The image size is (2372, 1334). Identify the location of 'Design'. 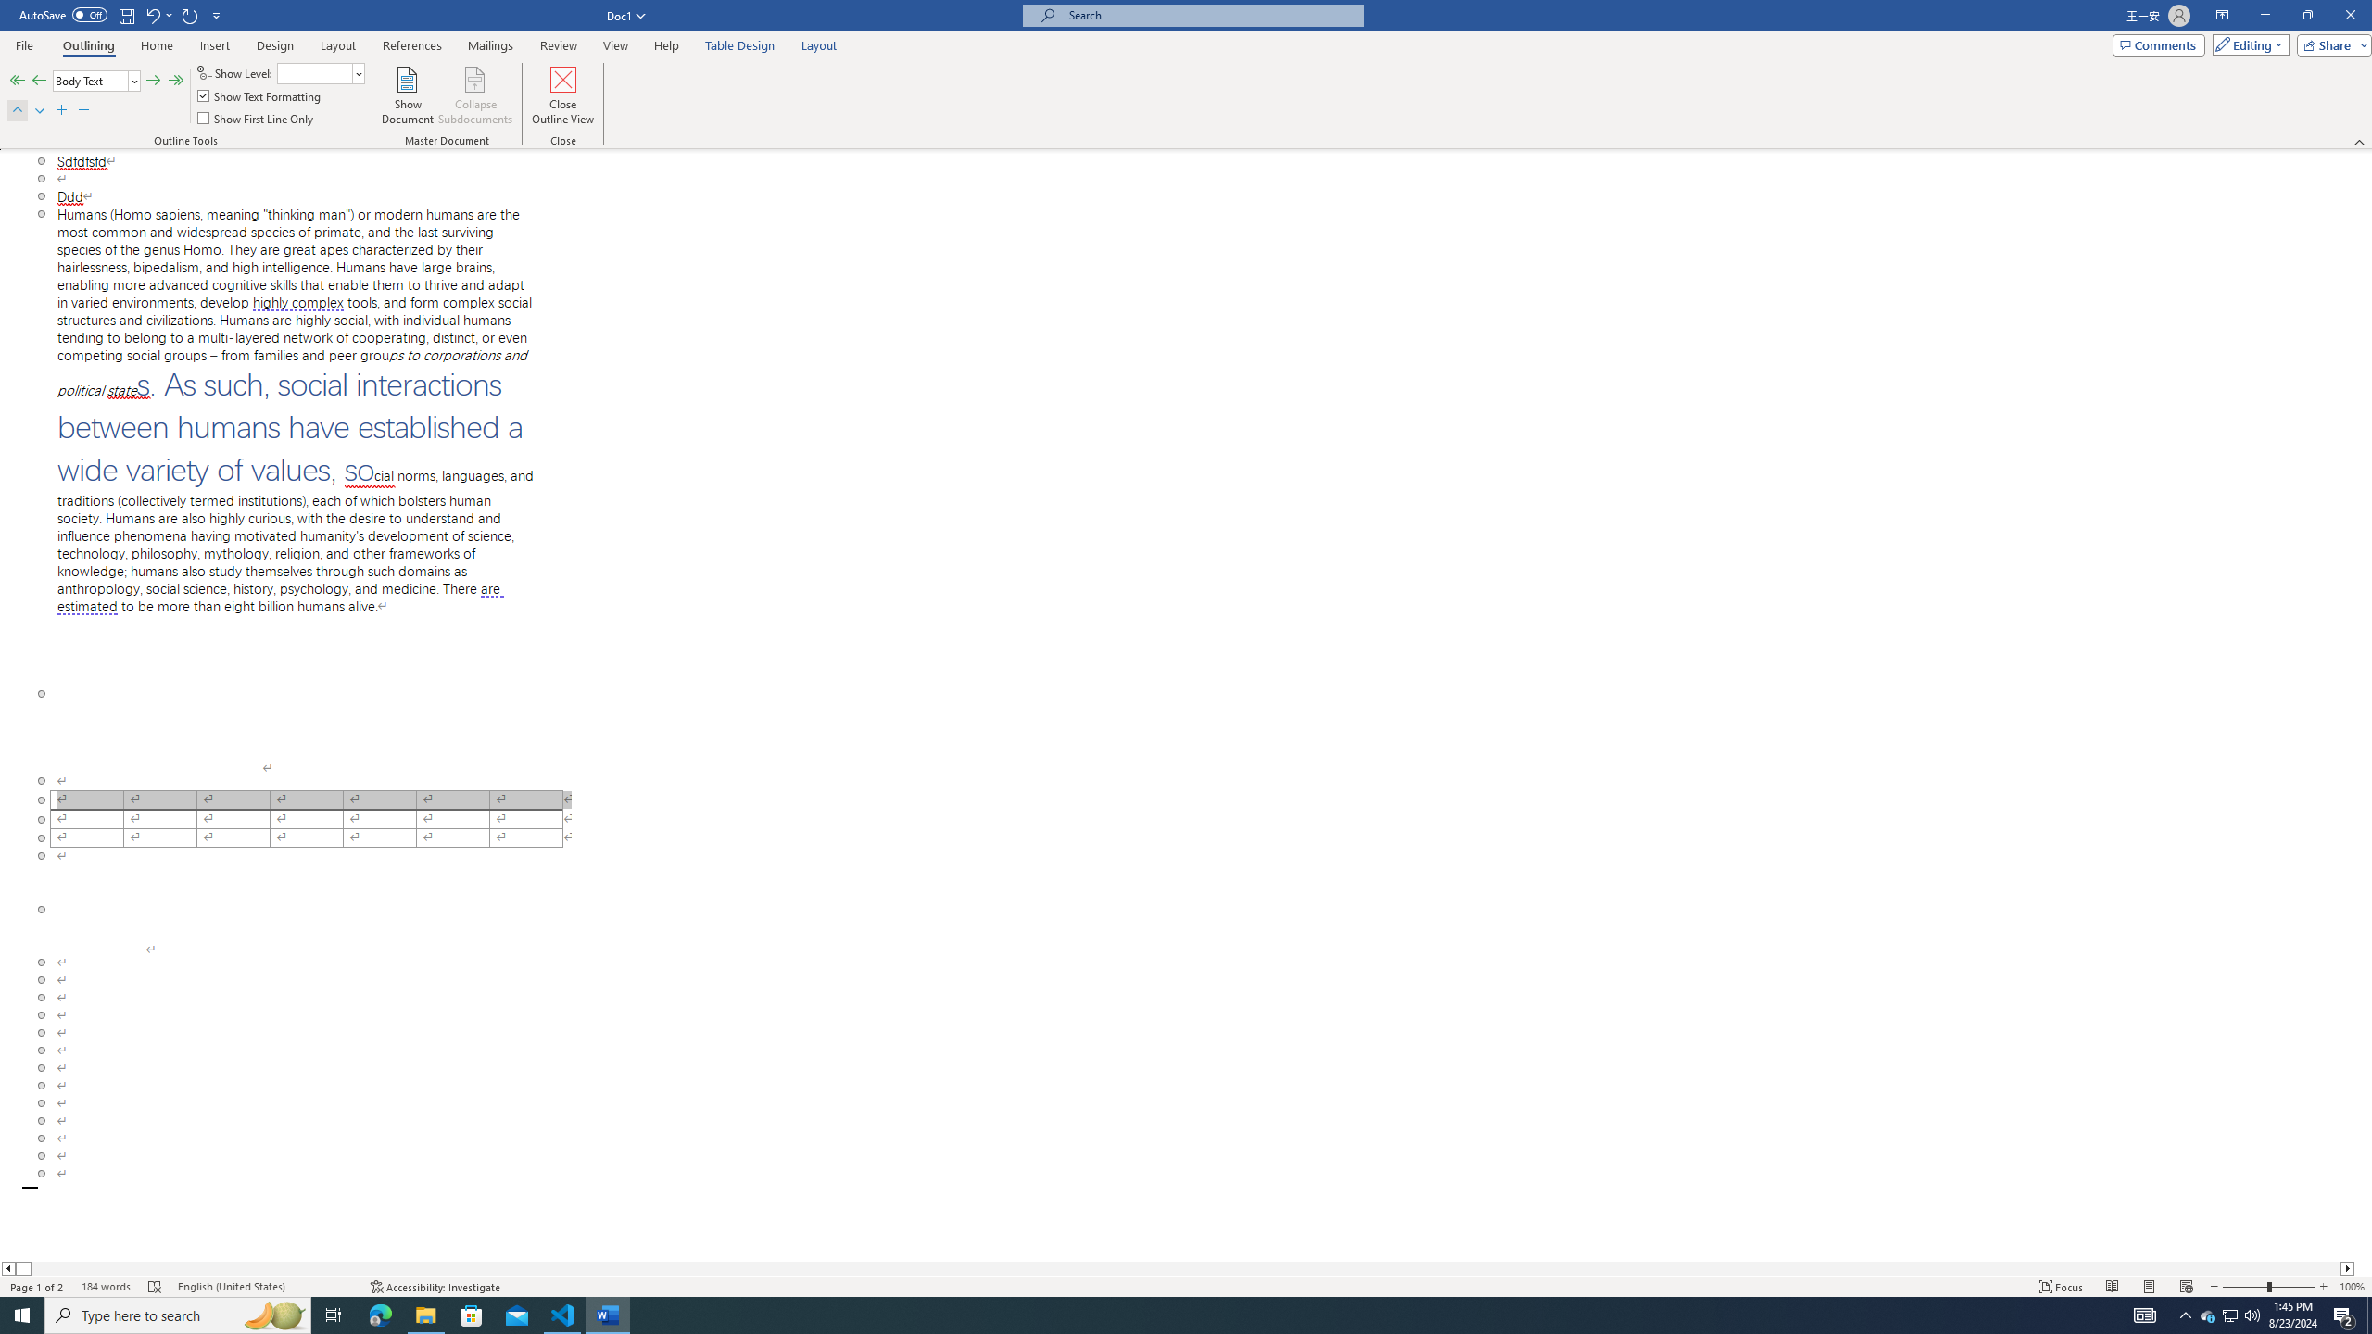
(273, 45).